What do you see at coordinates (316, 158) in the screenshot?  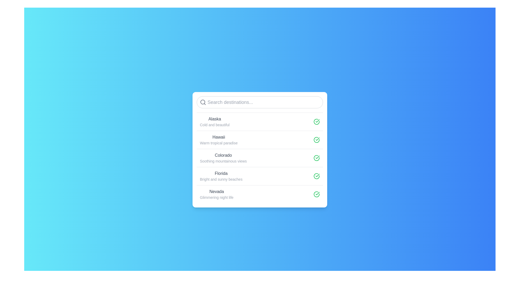 I see `the approval/completion icon associated with the 'Colorado' item, which is located to the right of the title and description` at bounding box center [316, 158].